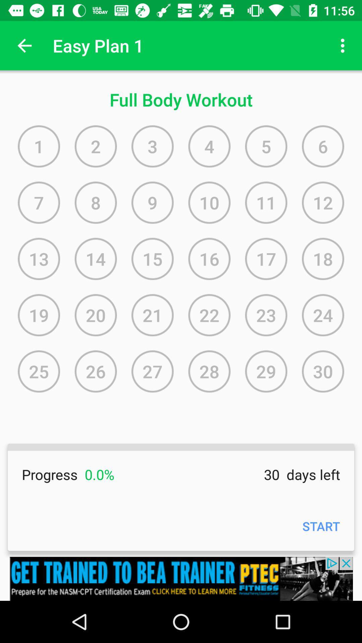 The image size is (362, 643). What do you see at coordinates (181, 578) in the screenshot?
I see `the advertisement option` at bounding box center [181, 578].